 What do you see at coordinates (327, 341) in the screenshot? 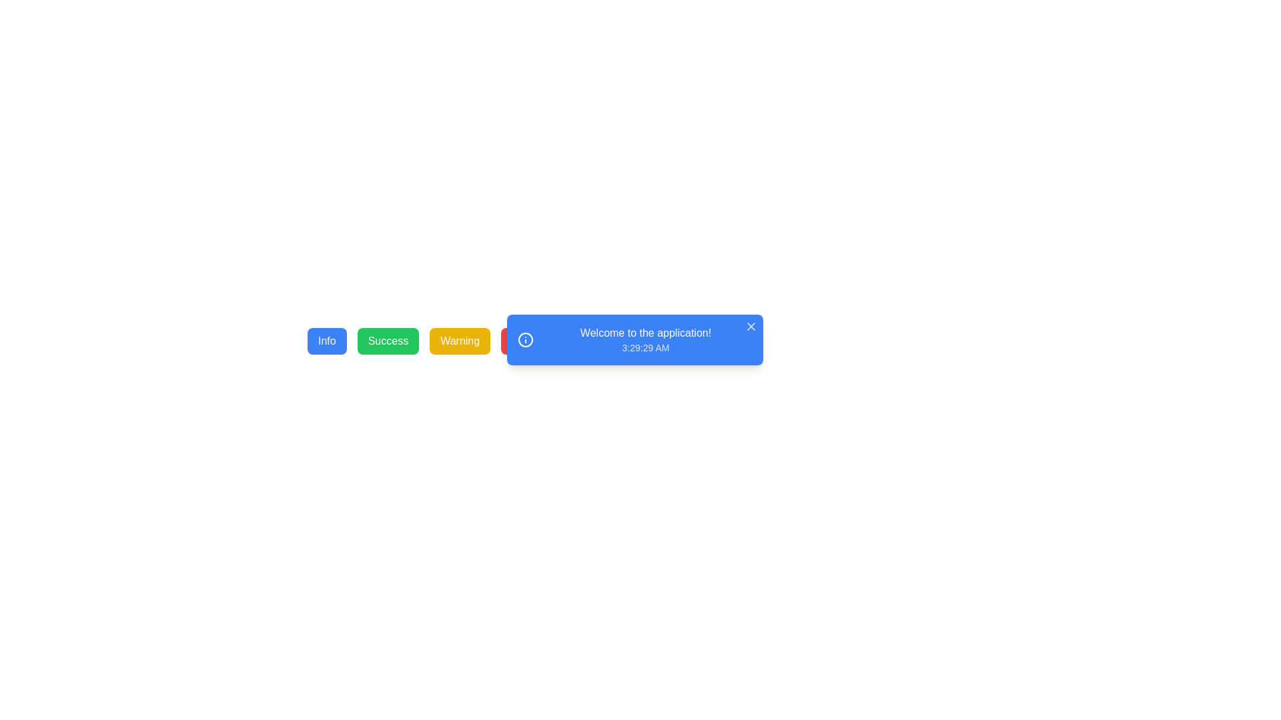
I see `the first button in the horizontal sequence, which functions as an 'Info' button` at bounding box center [327, 341].